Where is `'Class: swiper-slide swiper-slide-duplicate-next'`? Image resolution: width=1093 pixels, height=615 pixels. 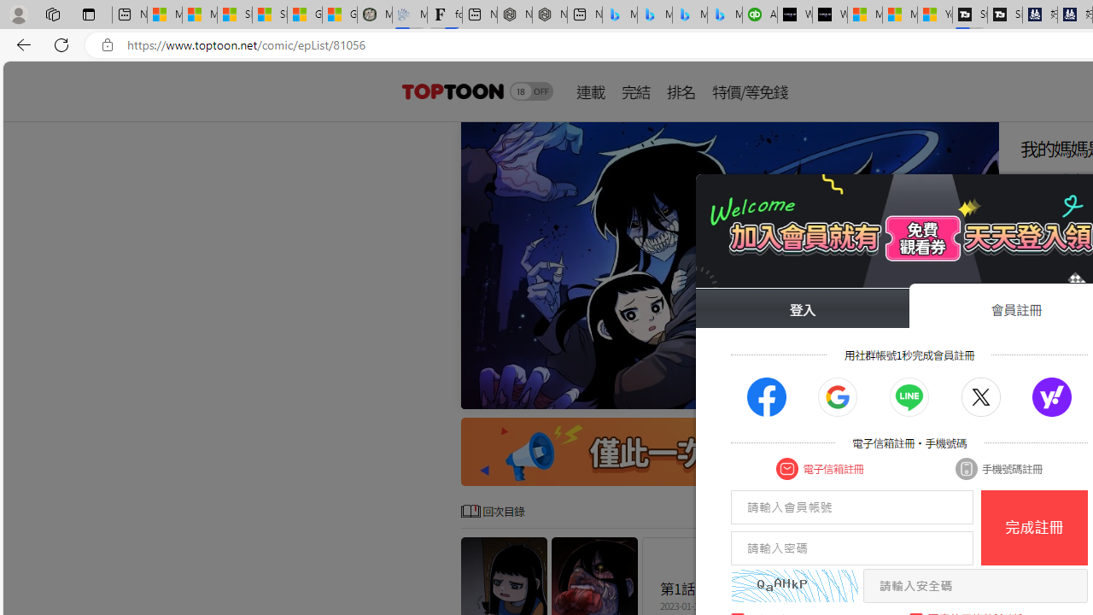 'Class: swiper-slide swiper-slide-duplicate-next' is located at coordinates (730, 266).